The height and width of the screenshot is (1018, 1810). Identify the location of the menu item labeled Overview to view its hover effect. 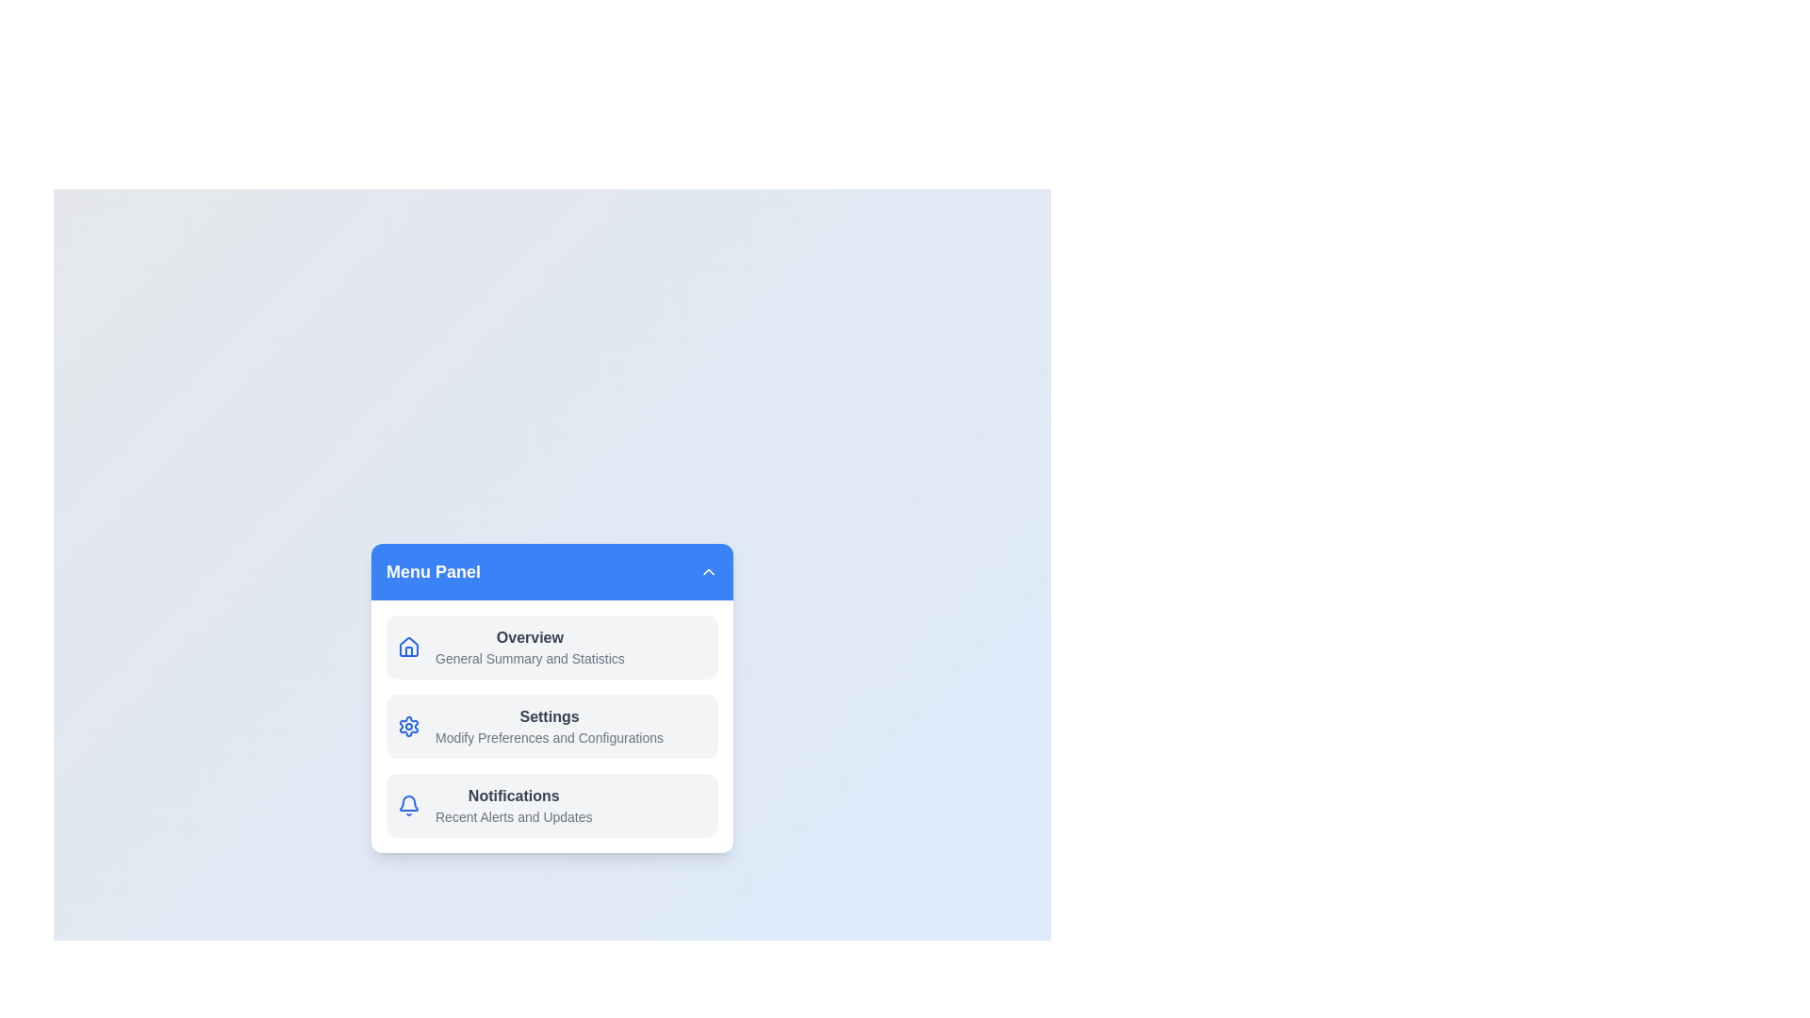
(551, 646).